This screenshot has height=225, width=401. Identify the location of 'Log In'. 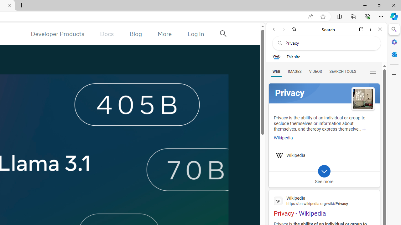
(195, 34).